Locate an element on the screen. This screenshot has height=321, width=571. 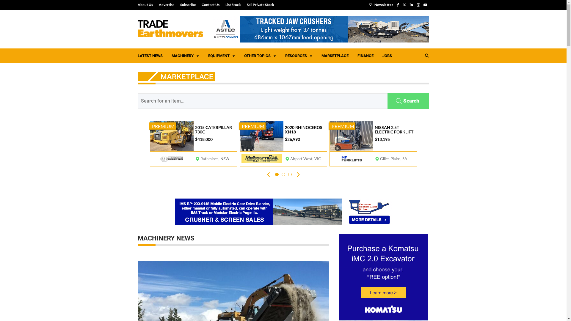
'About Us' is located at coordinates (146, 4).